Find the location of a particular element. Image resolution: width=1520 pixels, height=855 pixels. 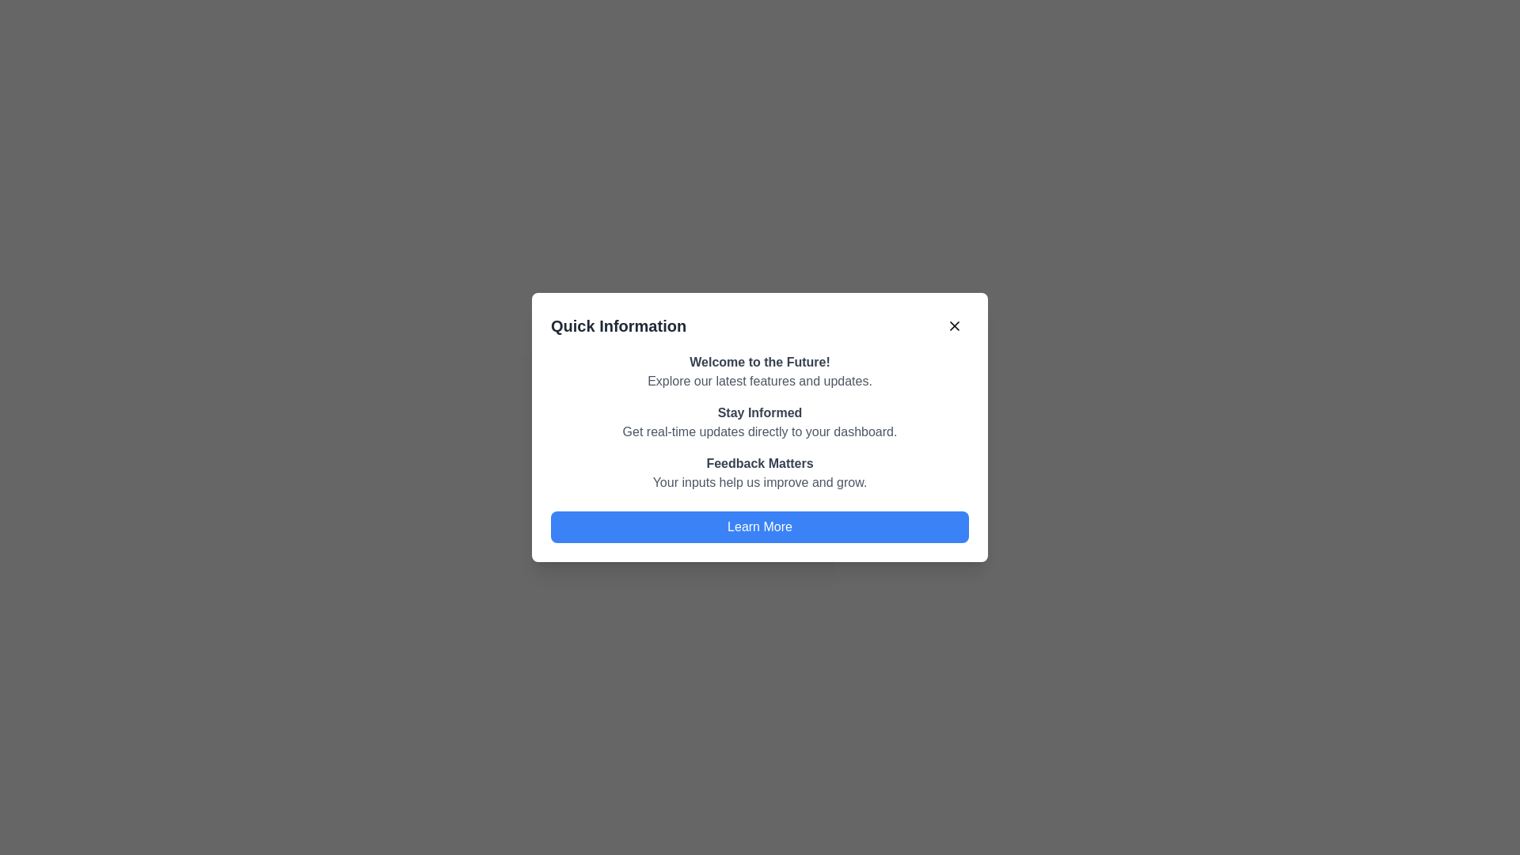

the welcoming header text block located in the central upper region of the modal dialog box, below the title 'Quick Information' and above the section titled 'Stay Informed' is located at coordinates (760, 372).